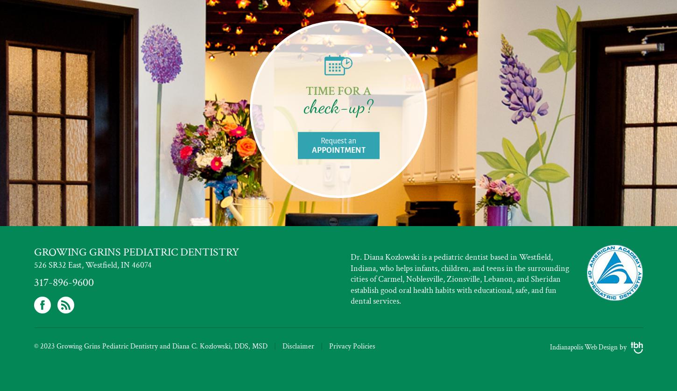 The width and height of the screenshot is (677, 391). What do you see at coordinates (459, 279) in the screenshot?
I see `'Dr. Diana Kozlowski is a pediatric dentist based in Westfield, Indiana, who helps infants, children, and teens in the surrounding cities of Carmel, Noblesville, Zionsville, Lebanon, and Sheridan establish good oral health habits with educational, safe, and fun dental services.'` at bounding box center [459, 279].